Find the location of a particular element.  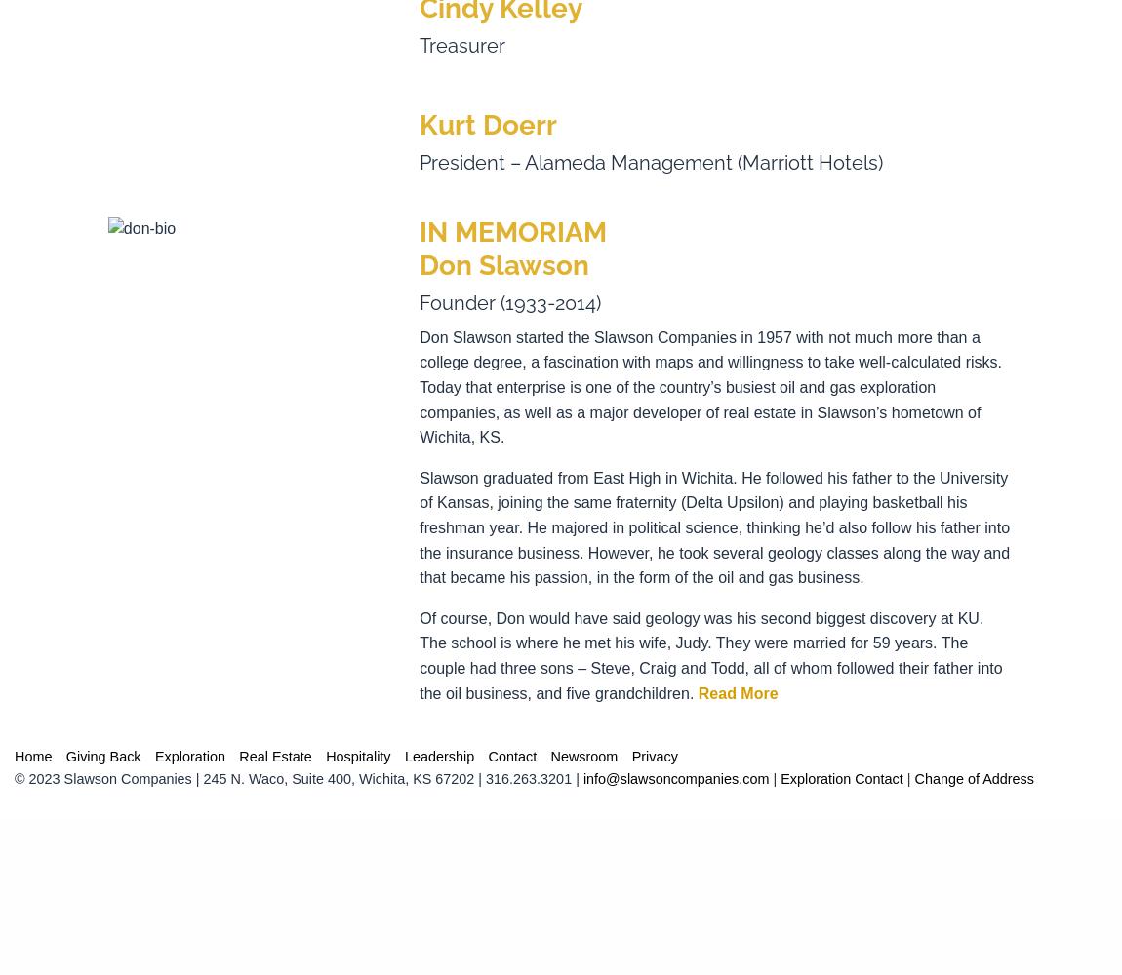

'Exploration' is located at coordinates (188, 756).